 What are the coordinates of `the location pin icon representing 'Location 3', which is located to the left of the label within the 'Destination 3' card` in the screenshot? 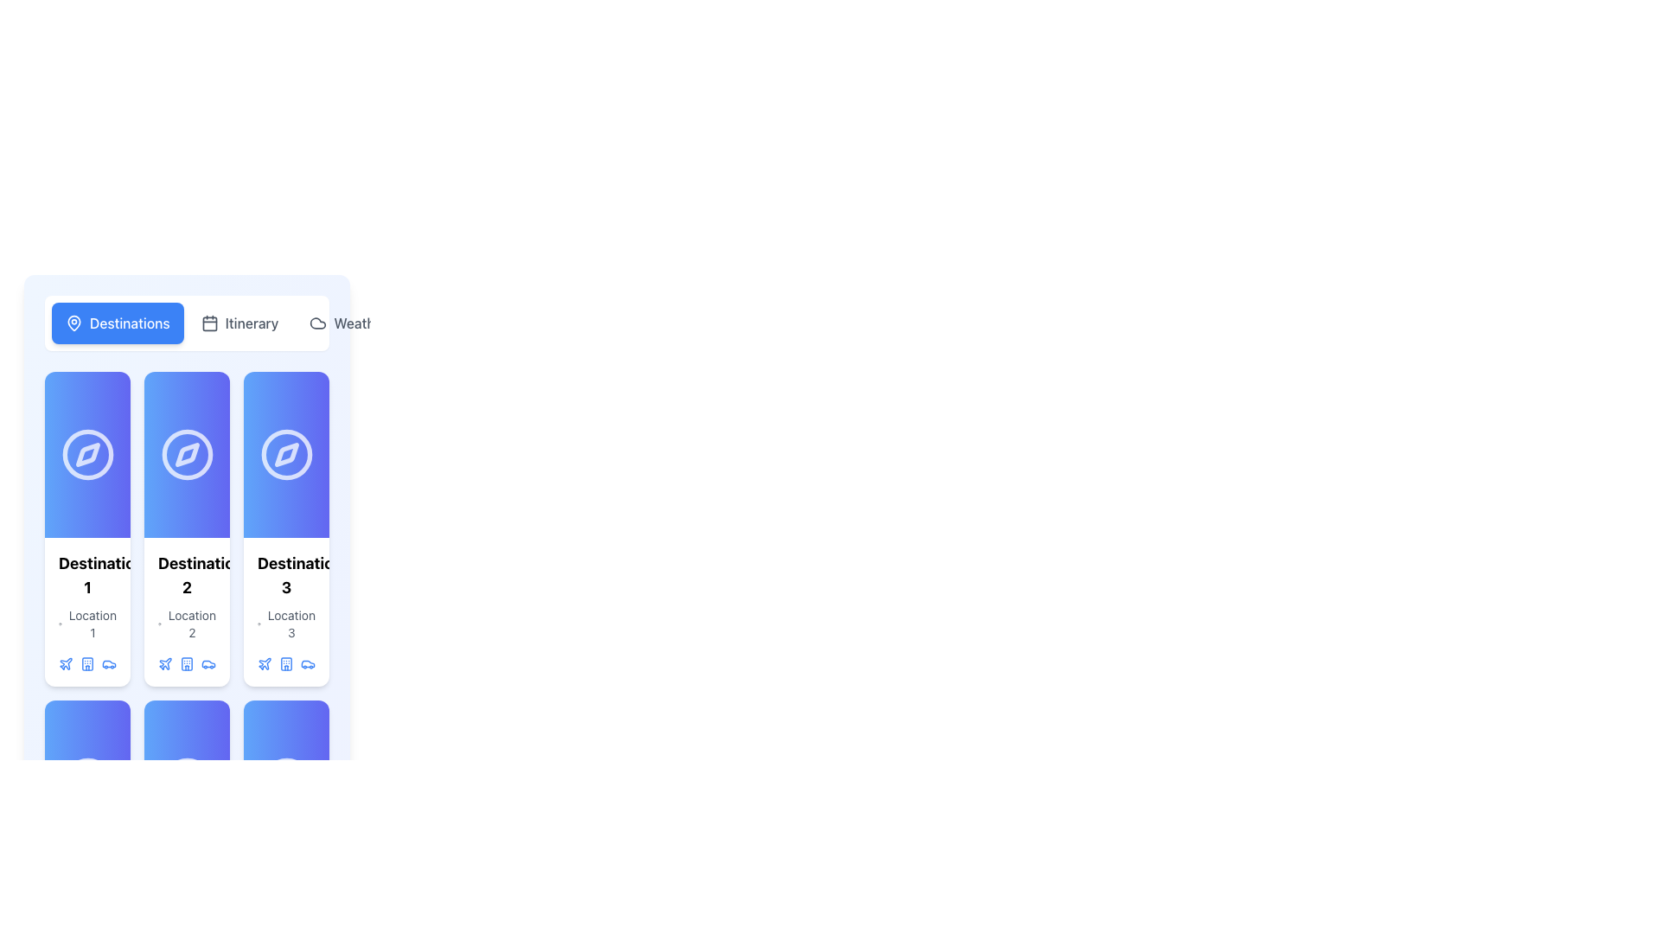 It's located at (258, 624).